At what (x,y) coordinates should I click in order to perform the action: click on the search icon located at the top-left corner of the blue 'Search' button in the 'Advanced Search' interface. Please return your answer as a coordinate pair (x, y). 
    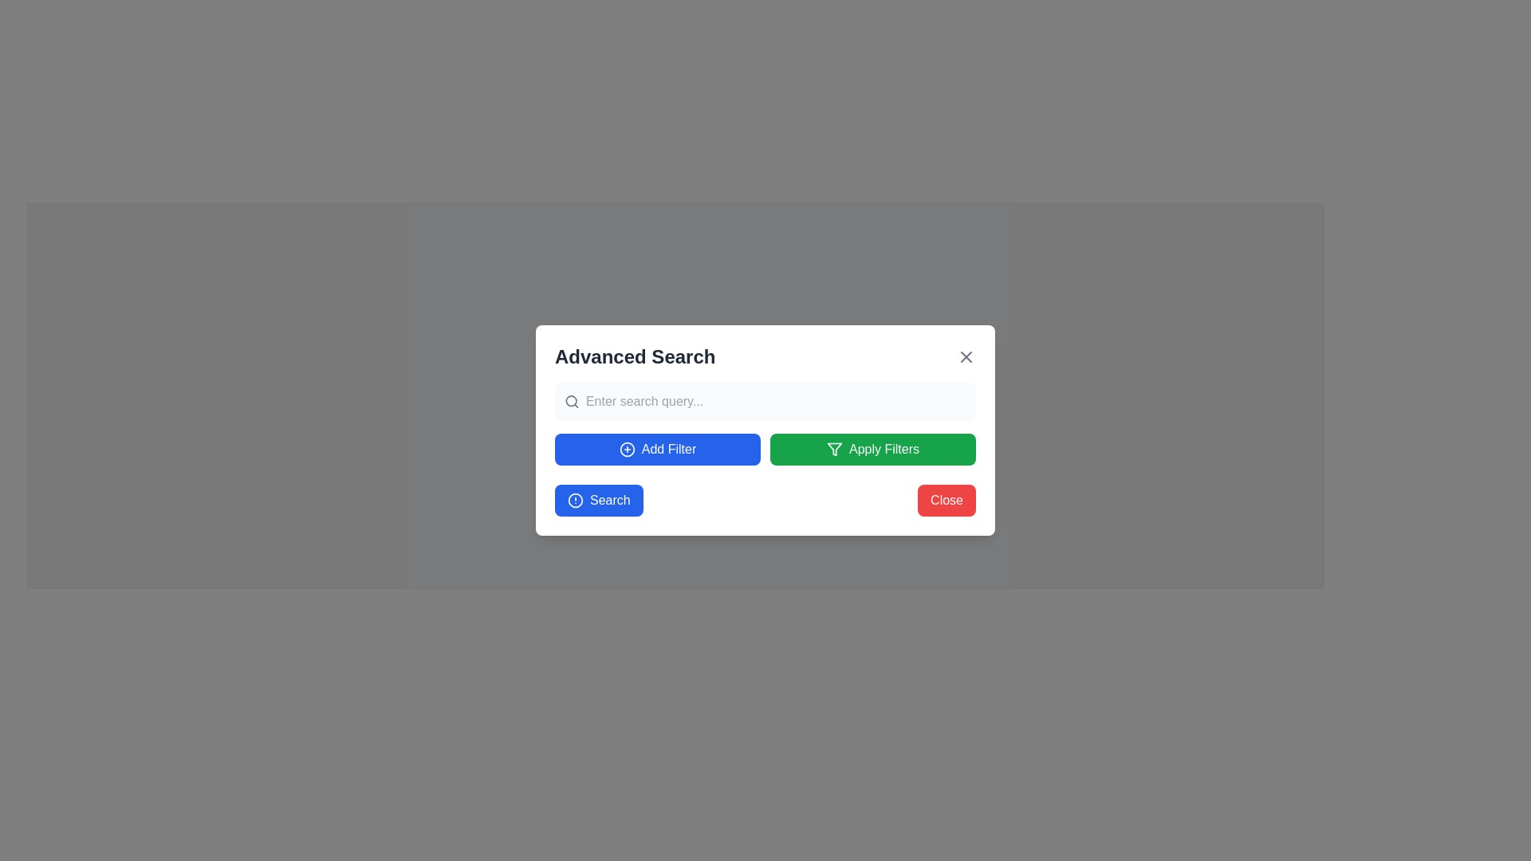
    Looking at the image, I should click on (574, 500).